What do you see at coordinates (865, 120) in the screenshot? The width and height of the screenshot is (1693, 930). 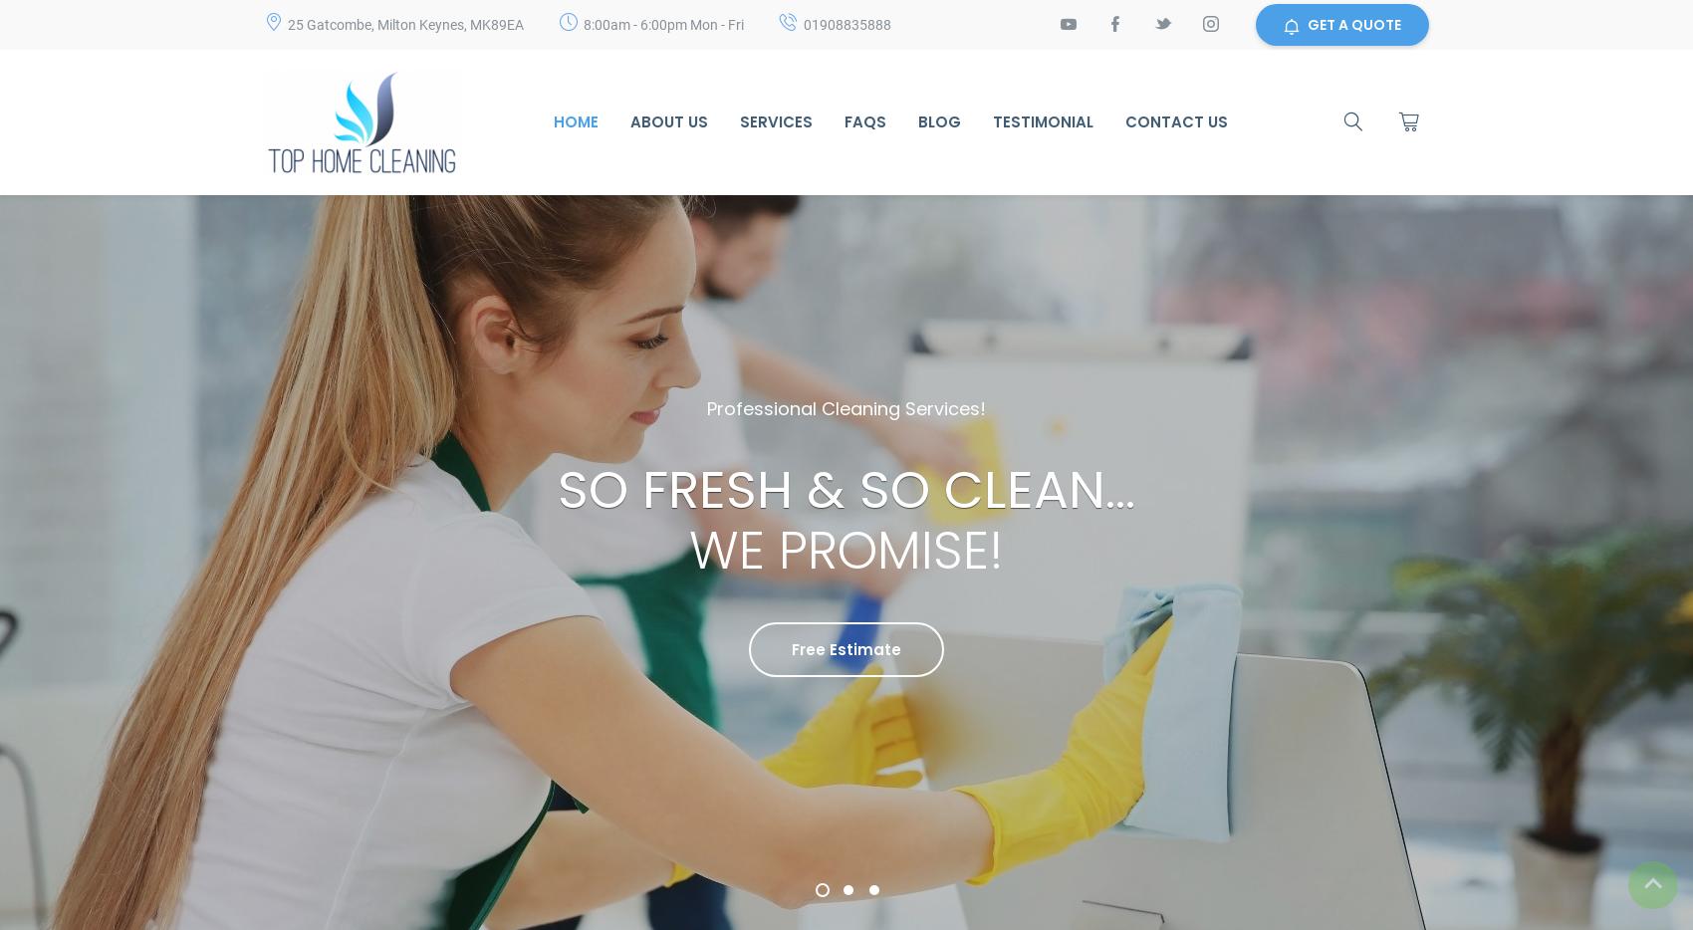 I see `'Faqs'` at bounding box center [865, 120].